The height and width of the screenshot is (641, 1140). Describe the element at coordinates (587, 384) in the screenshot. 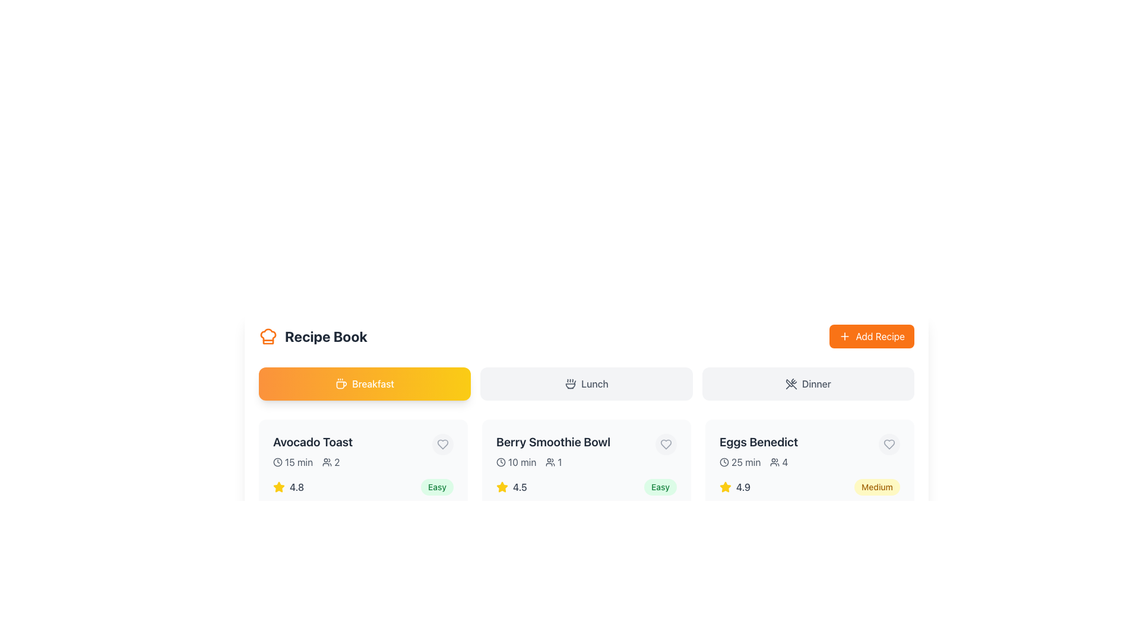

I see `the 'Lunch' category selector button located in the middle of three buttons, between 'Breakfast' and 'Dinner'` at that location.